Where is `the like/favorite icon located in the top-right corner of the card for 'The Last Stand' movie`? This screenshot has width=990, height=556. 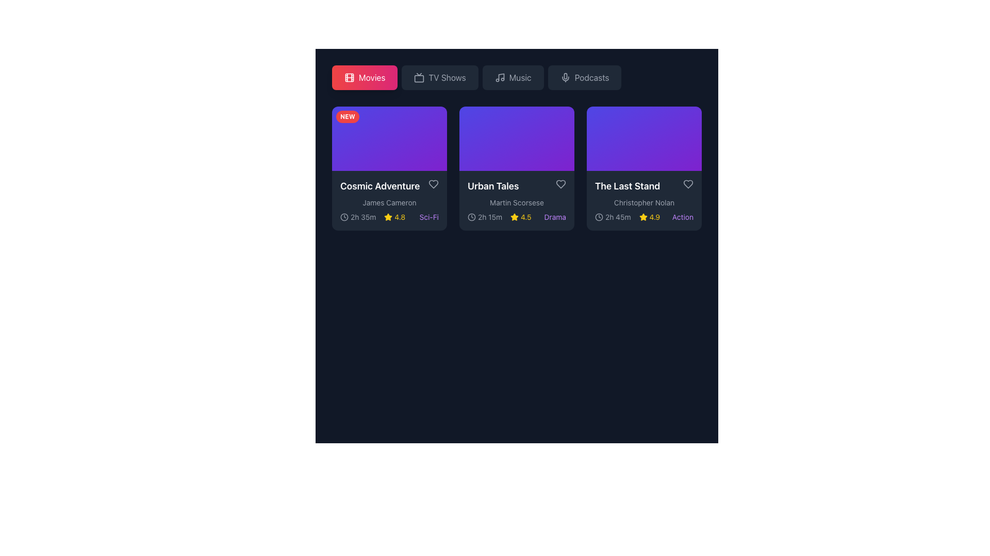 the like/favorite icon located in the top-right corner of the card for 'The Last Stand' movie is located at coordinates (688, 184).